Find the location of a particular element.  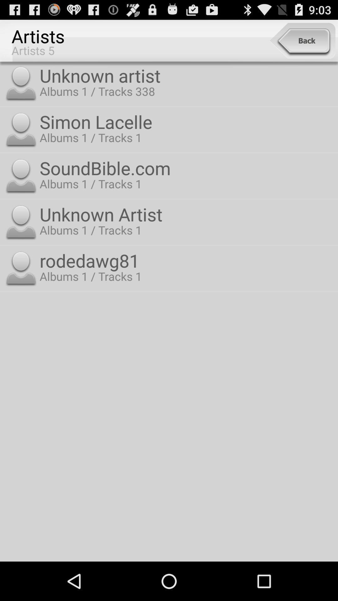

rodedawg81 app is located at coordinates (187, 260).